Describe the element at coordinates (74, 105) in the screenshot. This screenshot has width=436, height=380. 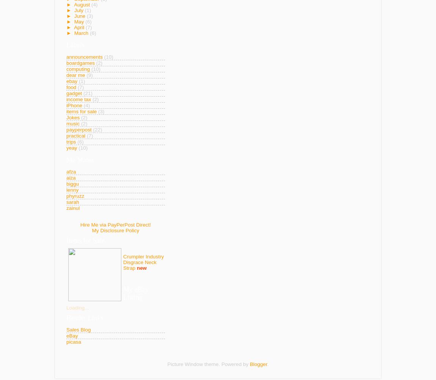
I see `'iPhone'` at that location.